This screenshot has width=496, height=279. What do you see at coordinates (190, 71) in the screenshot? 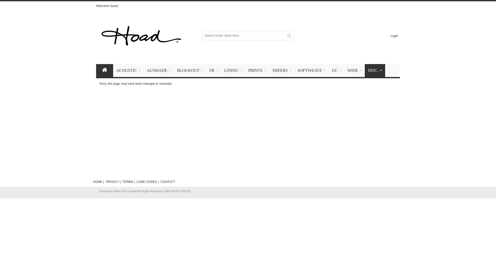
I see `'BLOCKOUT  '` at bounding box center [190, 71].